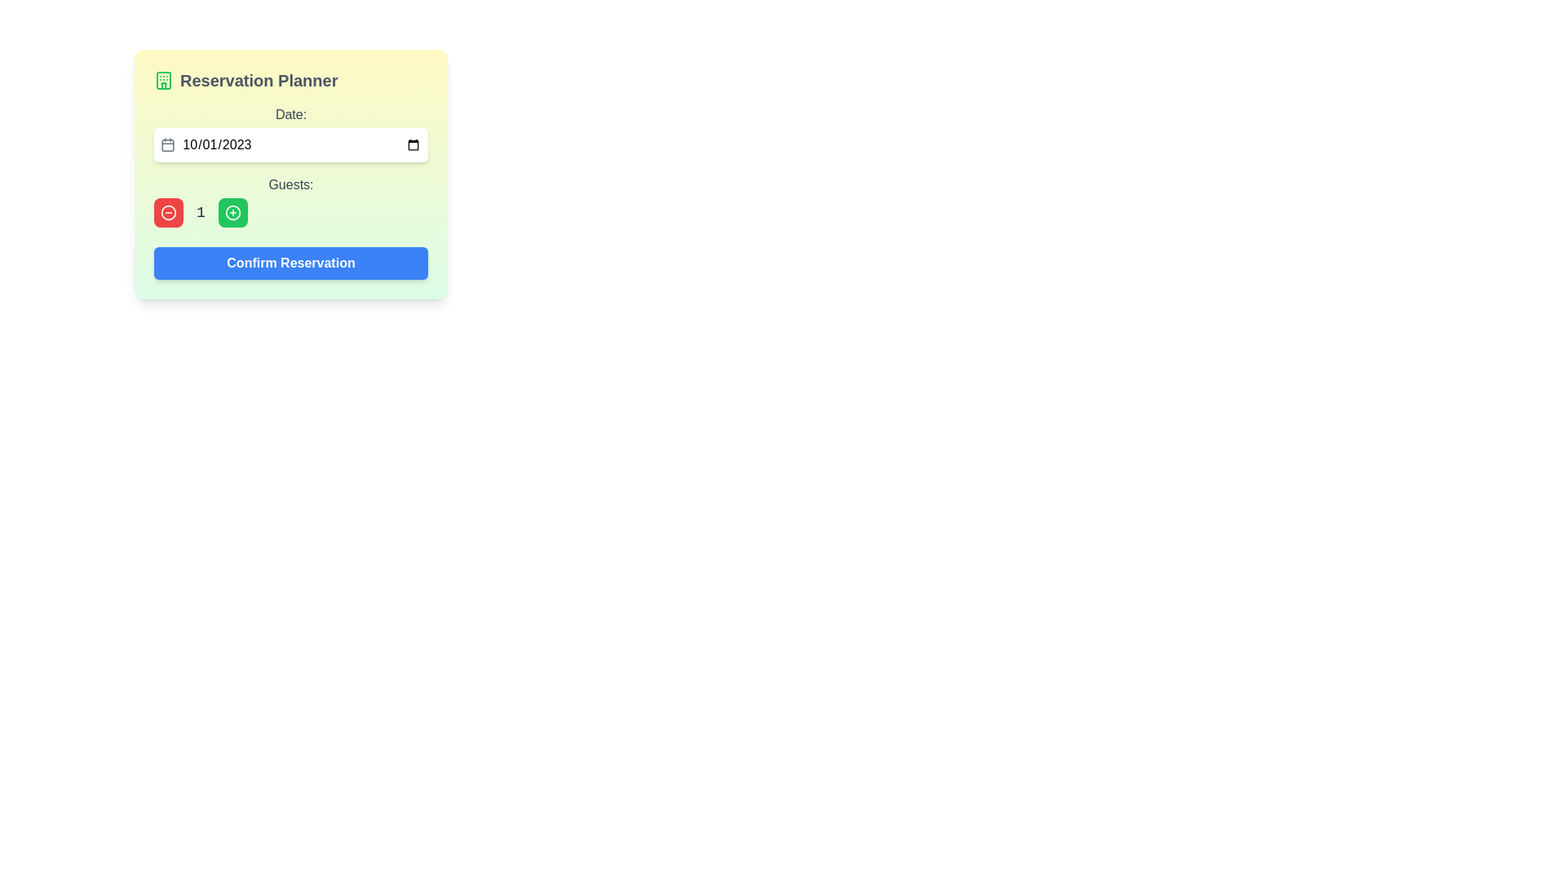  Describe the element at coordinates (232, 212) in the screenshot. I see `the green circular button with a plus symbol in the Guests section, located to the right of the numeric input for guest count` at that location.